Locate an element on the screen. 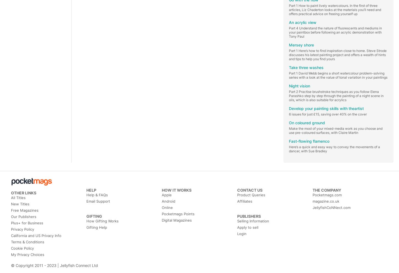 The height and width of the screenshot is (273, 399). 'Contact Us' is located at coordinates (237, 190).